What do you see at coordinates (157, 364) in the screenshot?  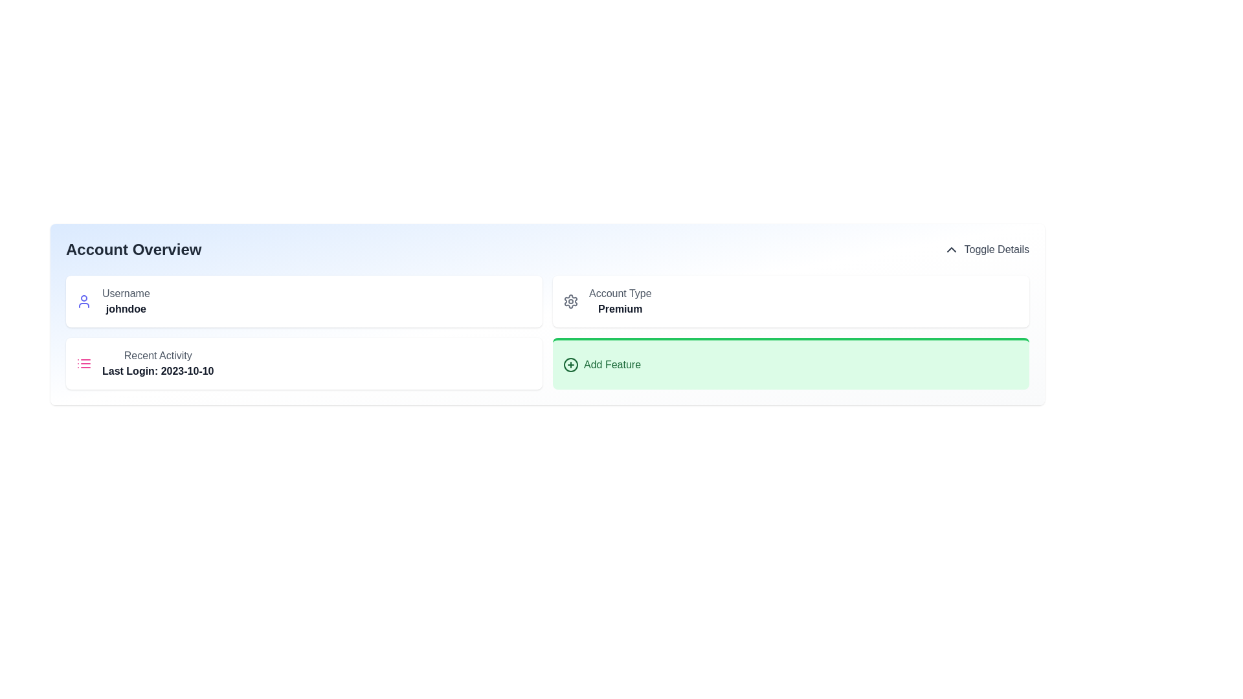 I see `the 'Recent Activity' text display element, which shows 'Recent Activity' and 'Last Login: 2023-10-10' in a card-like interface under the 'Username' field` at bounding box center [157, 364].